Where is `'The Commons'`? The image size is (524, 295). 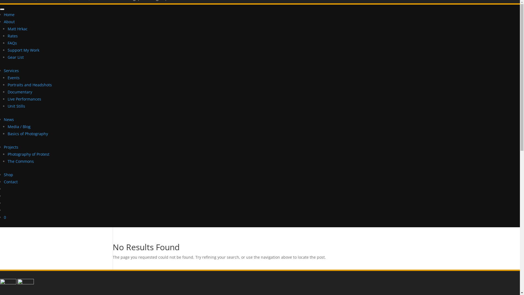 'The Commons' is located at coordinates (21, 161).